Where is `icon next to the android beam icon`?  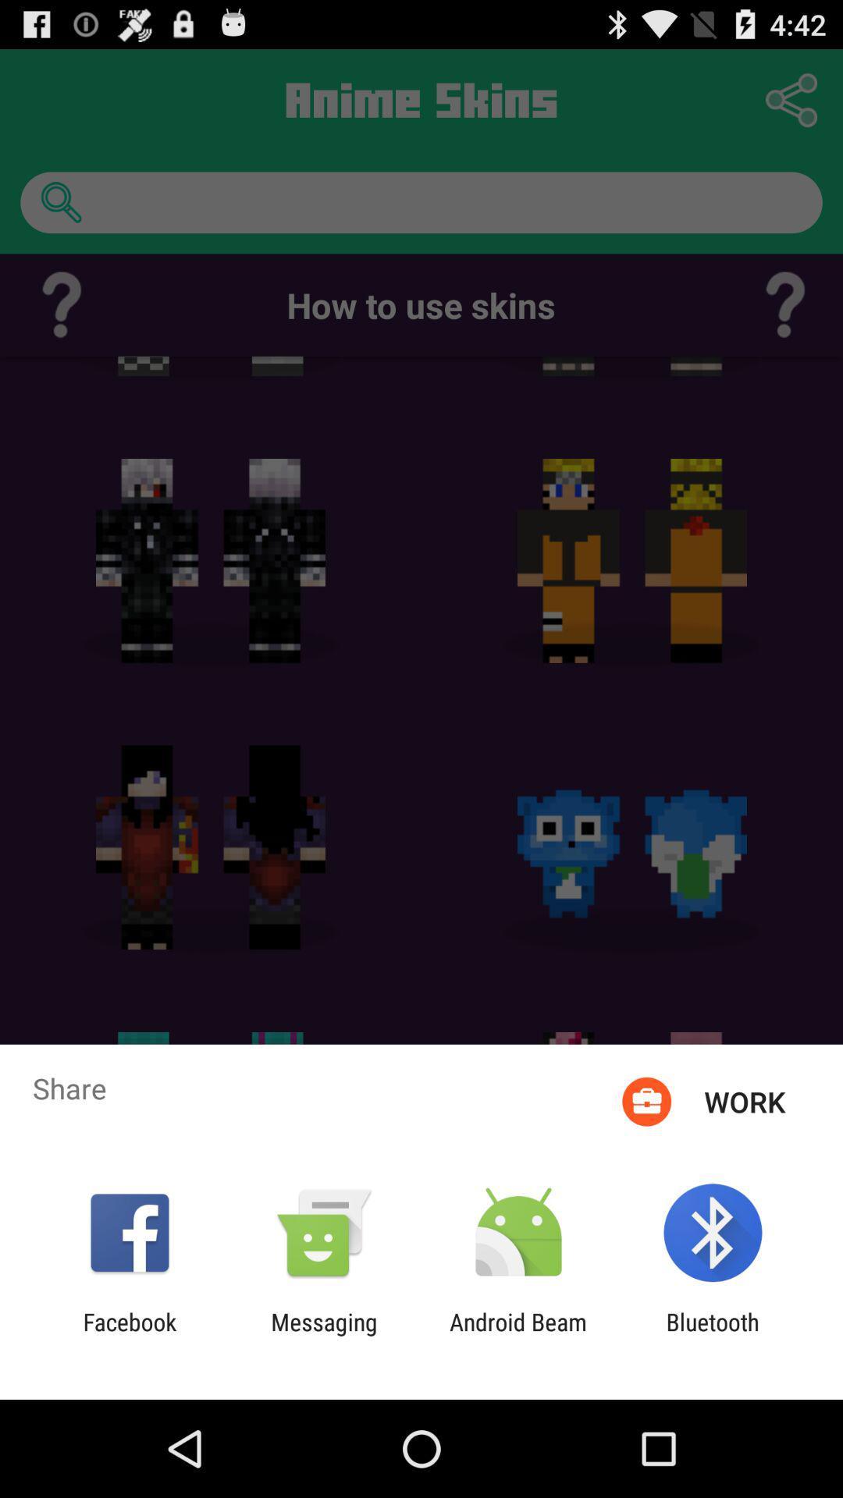
icon next to the android beam icon is located at coordinates (323, 1335).